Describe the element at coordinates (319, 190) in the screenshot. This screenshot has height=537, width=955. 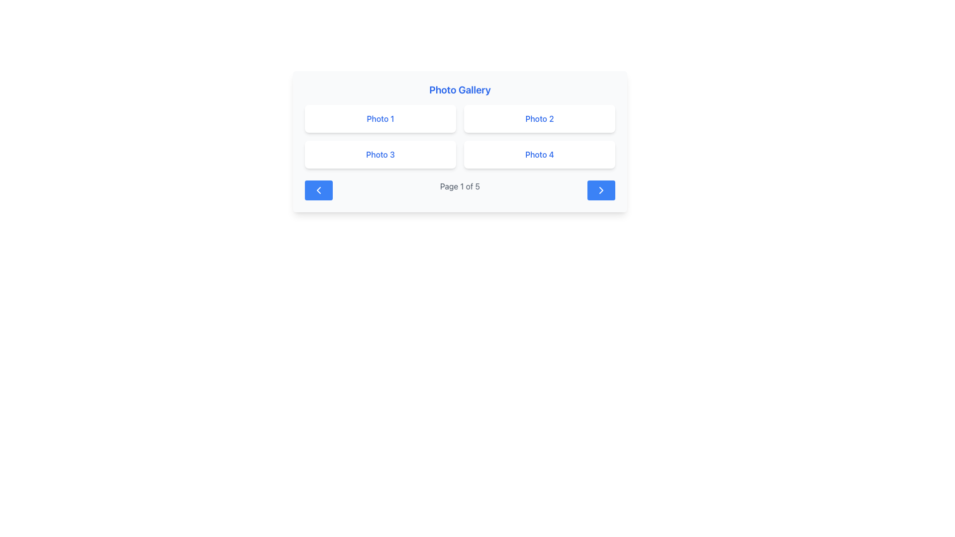
I see `the navigation icon within the blue rectangular button` at that location.